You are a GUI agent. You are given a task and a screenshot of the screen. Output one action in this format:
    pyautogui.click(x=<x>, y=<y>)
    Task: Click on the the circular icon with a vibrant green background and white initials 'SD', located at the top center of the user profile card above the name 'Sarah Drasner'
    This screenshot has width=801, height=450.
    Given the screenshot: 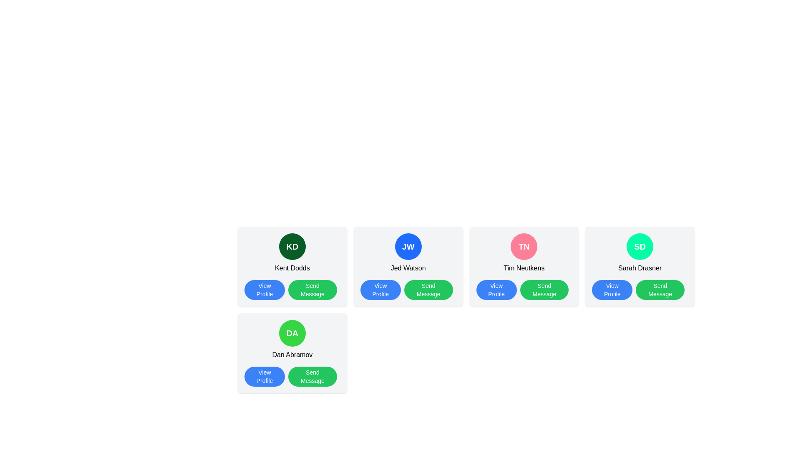 What is the action you would take?
    pyautogui.click(x=640, y=246)
    